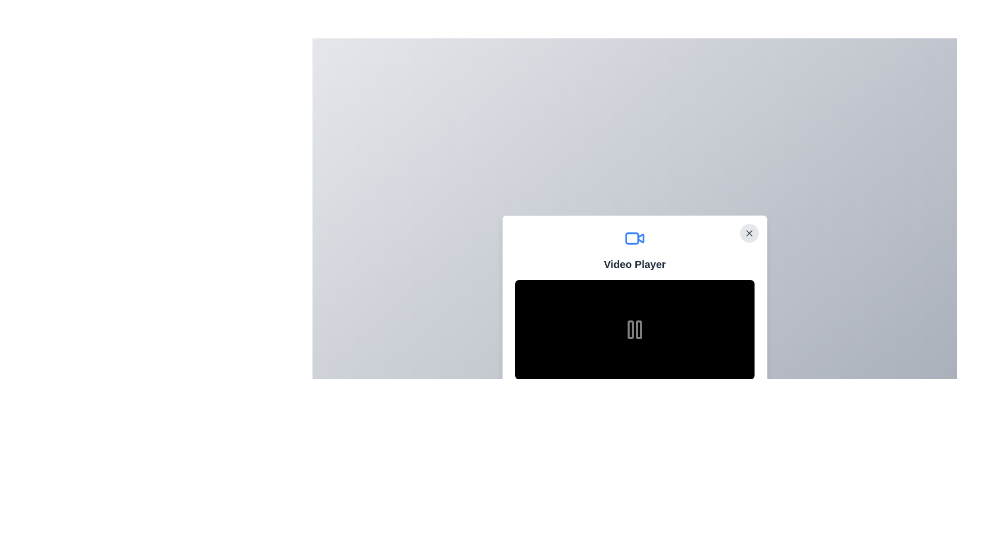 This screenshot has height=560, width=995. I want to click on the video player interface, which has a black background and a central icon resembling pause bars, indicating a paused state, and is styled with rounded corners, so click(634, 317).